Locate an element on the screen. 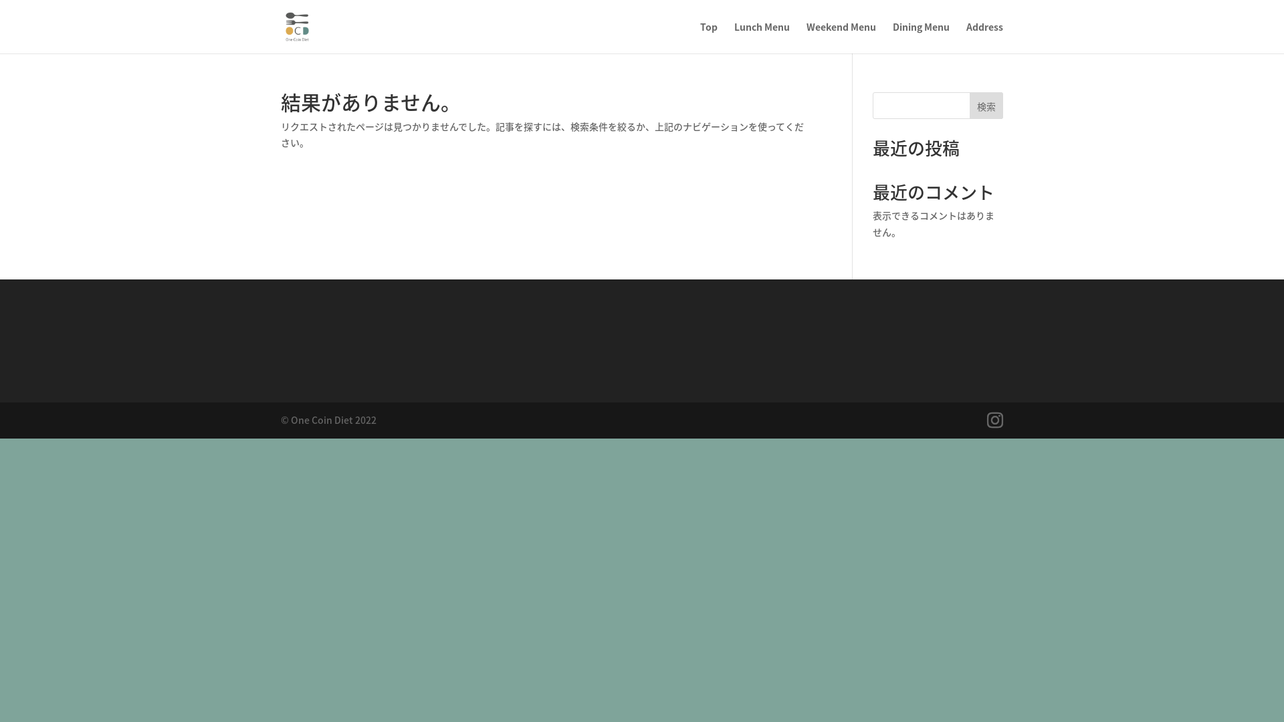 This screenshot has height=722, width=1284. 'Top' is located at coordinates (708, 37).